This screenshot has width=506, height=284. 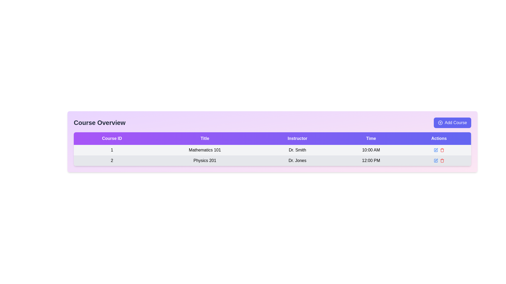 I want to click on the header label for the 'Instructors' column in the table, which is located in the third column of the header row, between 'Title' and 'Time', so click(x=297, y=138).